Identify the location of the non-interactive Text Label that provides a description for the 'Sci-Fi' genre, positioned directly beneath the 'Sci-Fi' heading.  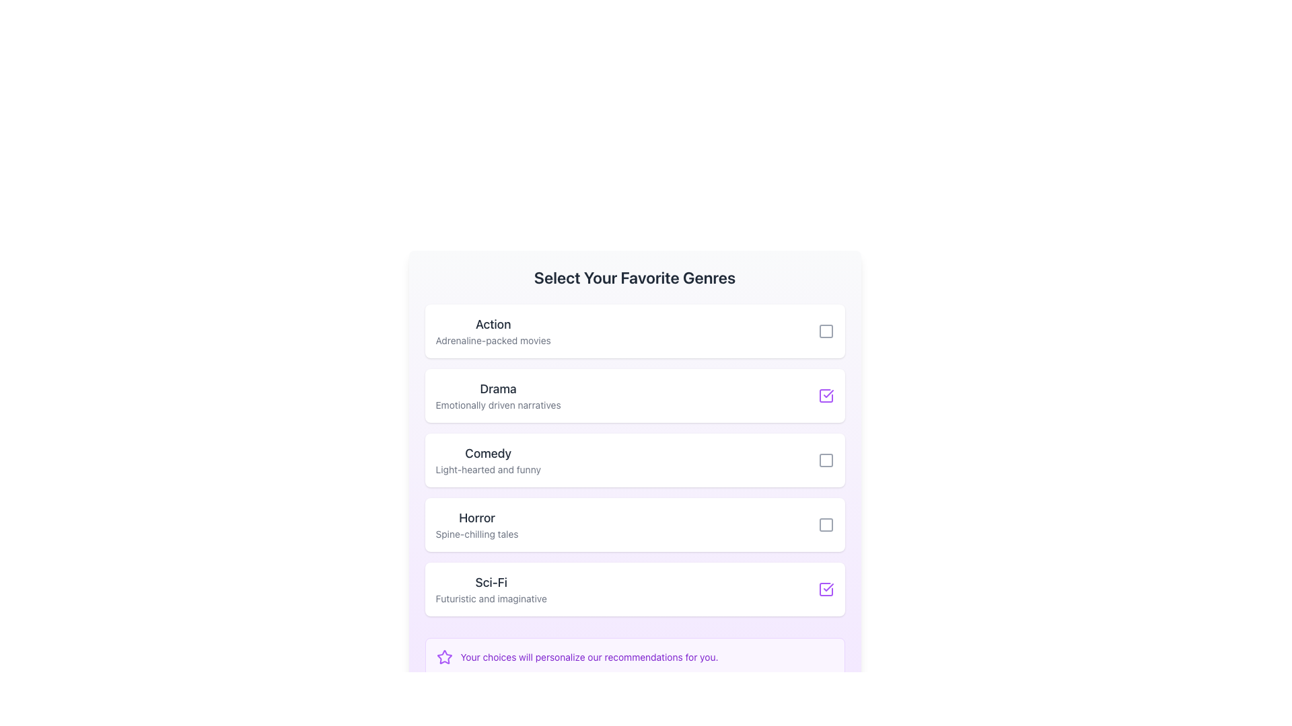
(491, 598).